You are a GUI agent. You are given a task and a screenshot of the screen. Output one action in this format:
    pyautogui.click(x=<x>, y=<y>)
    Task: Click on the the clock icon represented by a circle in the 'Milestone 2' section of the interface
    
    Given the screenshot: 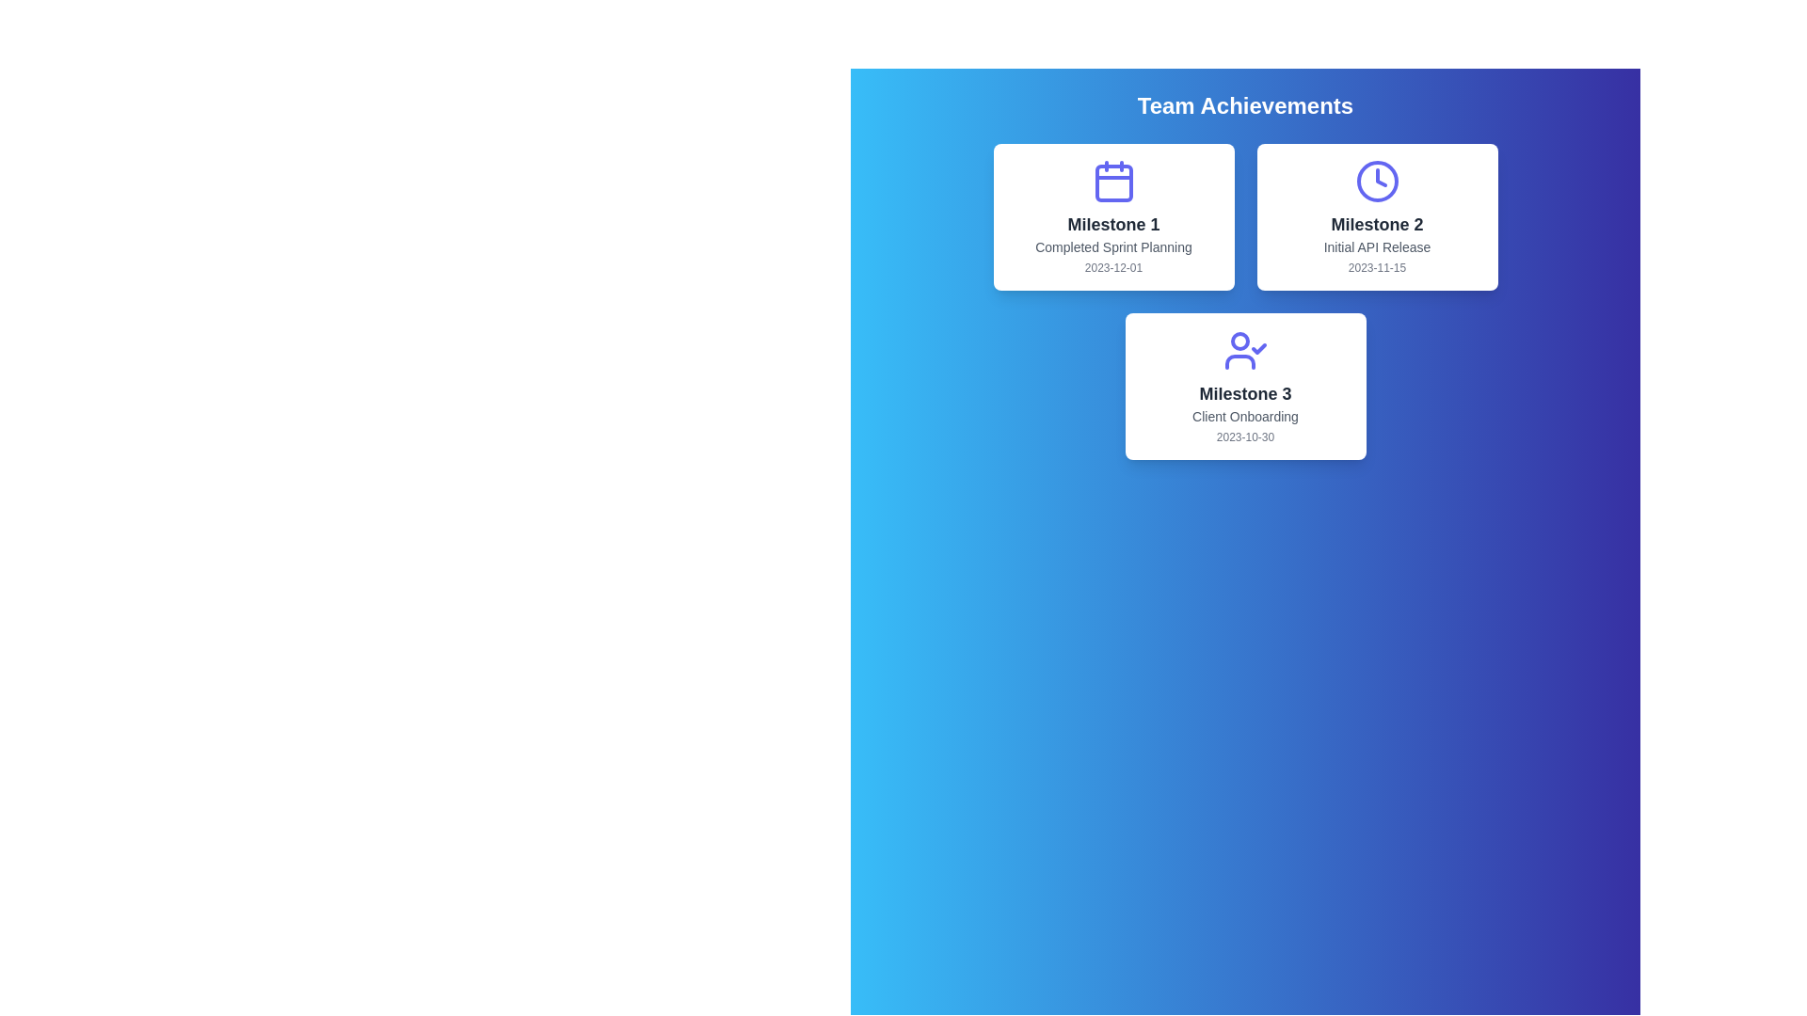 What is the action you would take?
    pyautogui.click(x=1377, y=181)
    